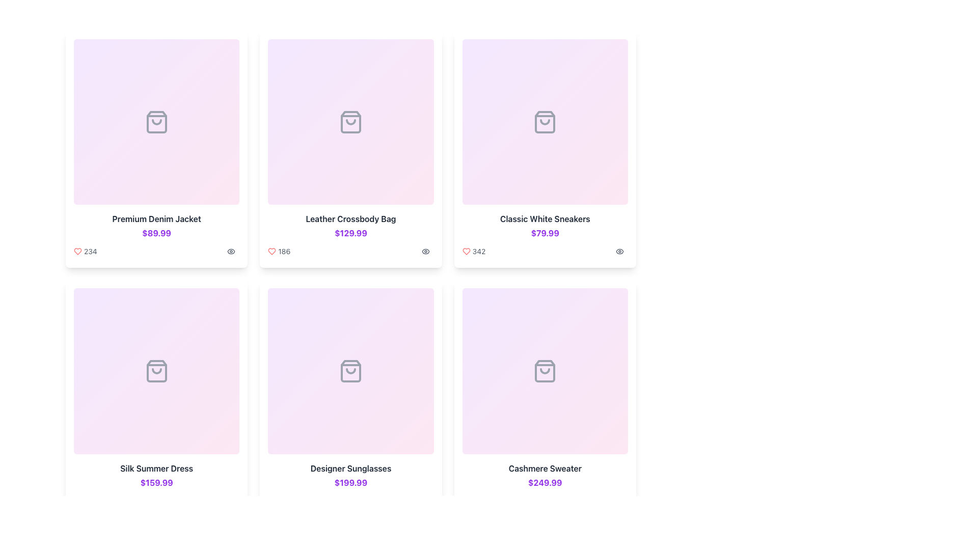 The height and width of the screenshot is (550, 978). Describe the element at coordinates (619, 251) in the screenshot. I see `the eye icon button in the bottom-right corner of the 'Classic White Sneakers' card` at that location.